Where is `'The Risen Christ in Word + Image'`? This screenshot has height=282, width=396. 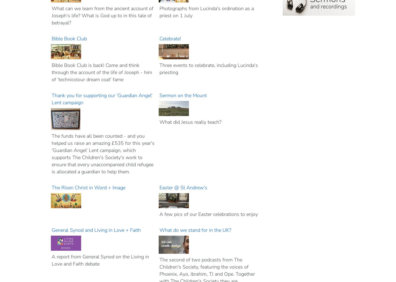 'The Risen Christ in Word + Image' is located at coordinates (89, 188).